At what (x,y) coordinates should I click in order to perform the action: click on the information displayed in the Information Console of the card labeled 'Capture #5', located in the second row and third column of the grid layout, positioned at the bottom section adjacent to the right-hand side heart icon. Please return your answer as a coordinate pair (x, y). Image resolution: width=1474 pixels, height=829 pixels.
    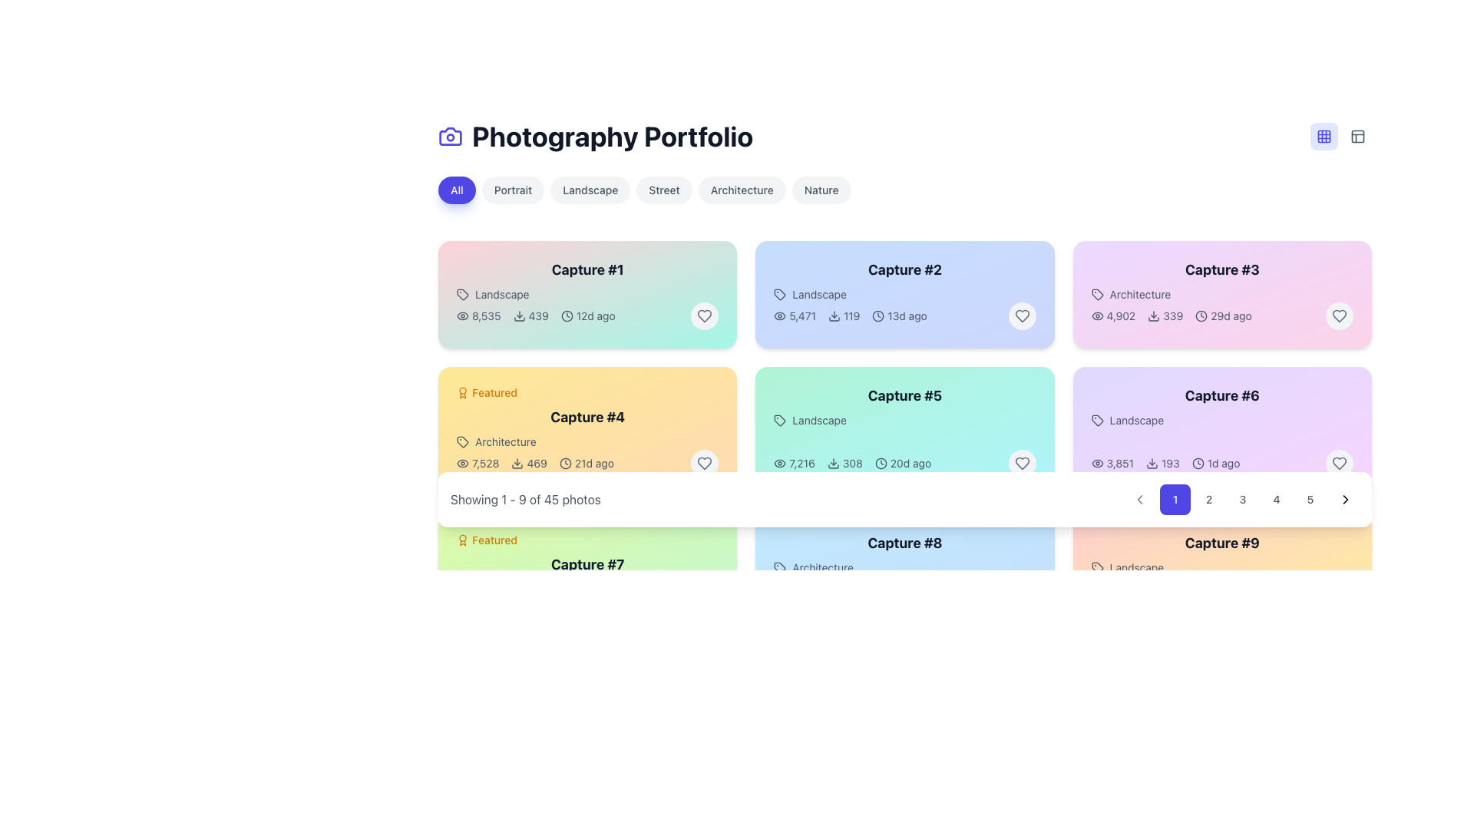
    Looking at the image, I should click on (905, 463).